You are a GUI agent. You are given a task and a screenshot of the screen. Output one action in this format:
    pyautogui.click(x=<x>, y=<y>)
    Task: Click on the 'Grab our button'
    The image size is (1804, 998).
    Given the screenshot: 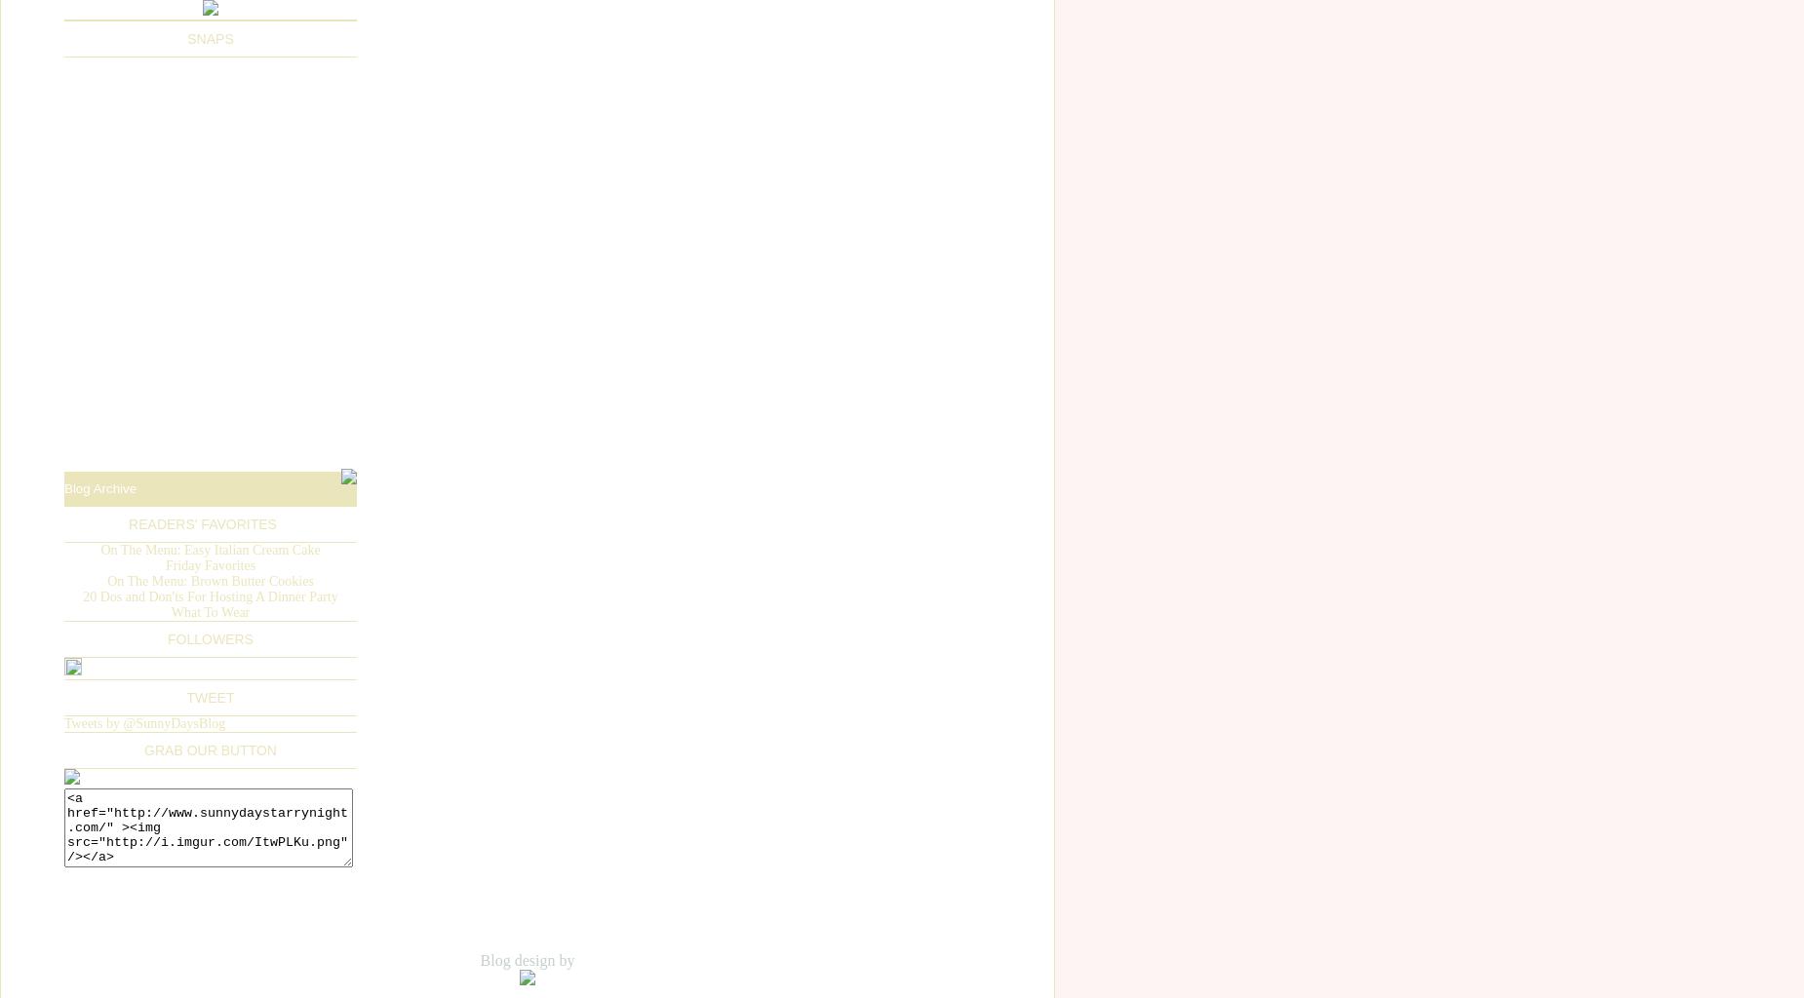 What is the action you would take?
    pyautogui.click(x=209, y=749)
    